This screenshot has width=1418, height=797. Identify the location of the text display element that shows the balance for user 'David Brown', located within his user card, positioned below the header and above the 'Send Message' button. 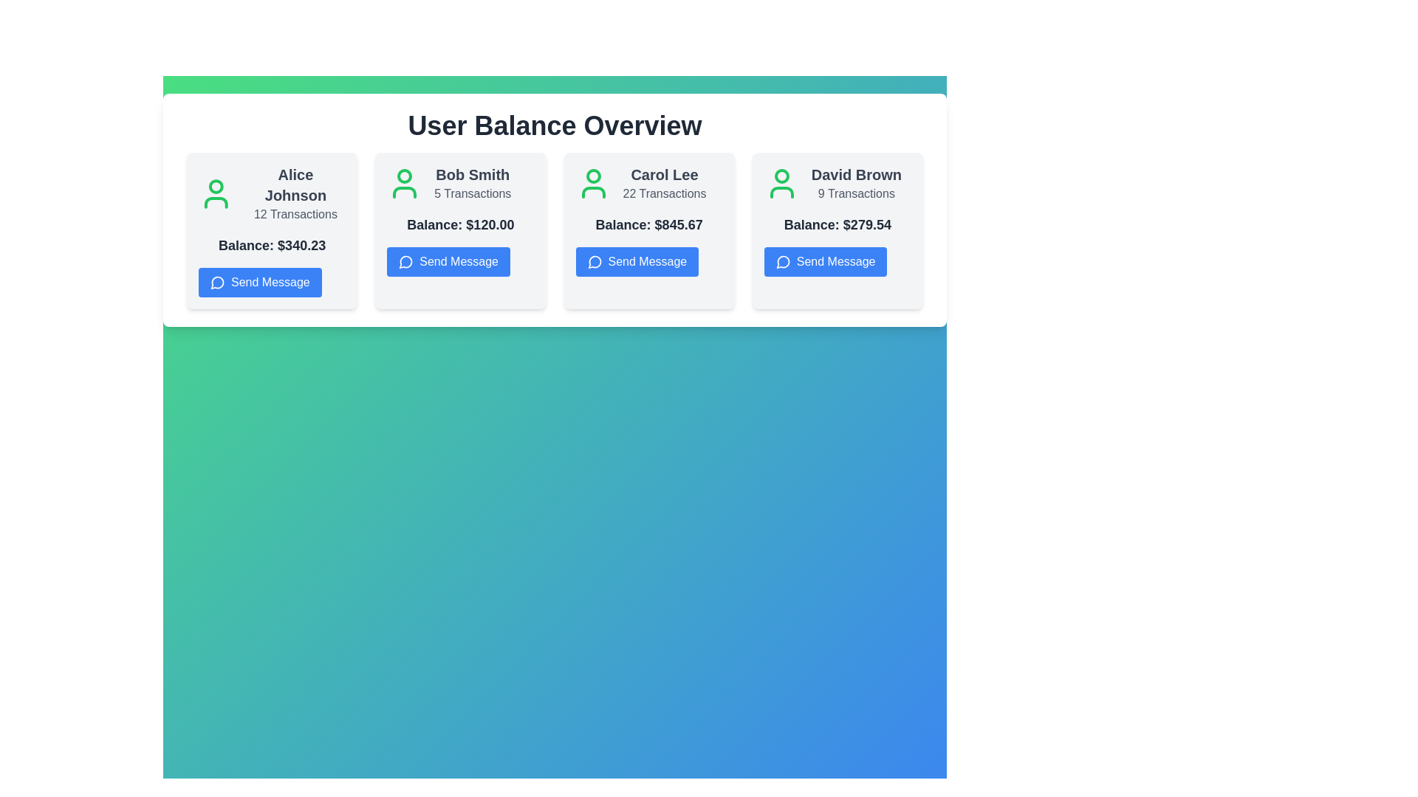
(838, 224).